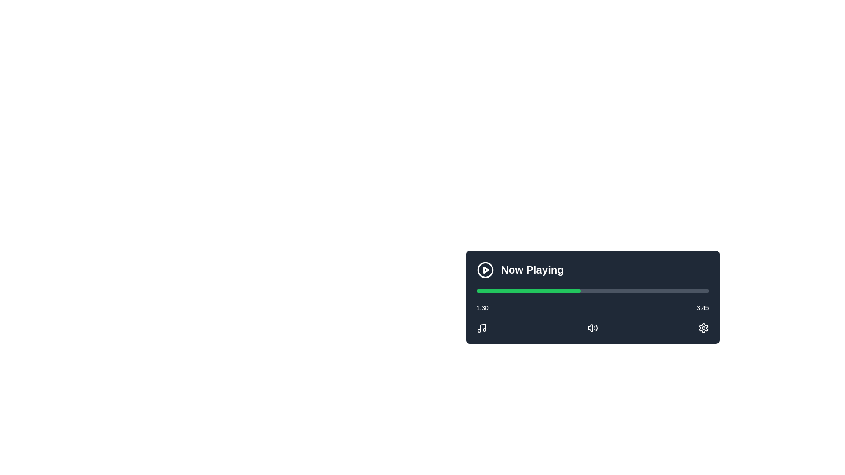 The width and height of the screenshot is (845, 475). Describe the element at coordinates (487, 291) in the screenshot. I see `playback position` at that location.